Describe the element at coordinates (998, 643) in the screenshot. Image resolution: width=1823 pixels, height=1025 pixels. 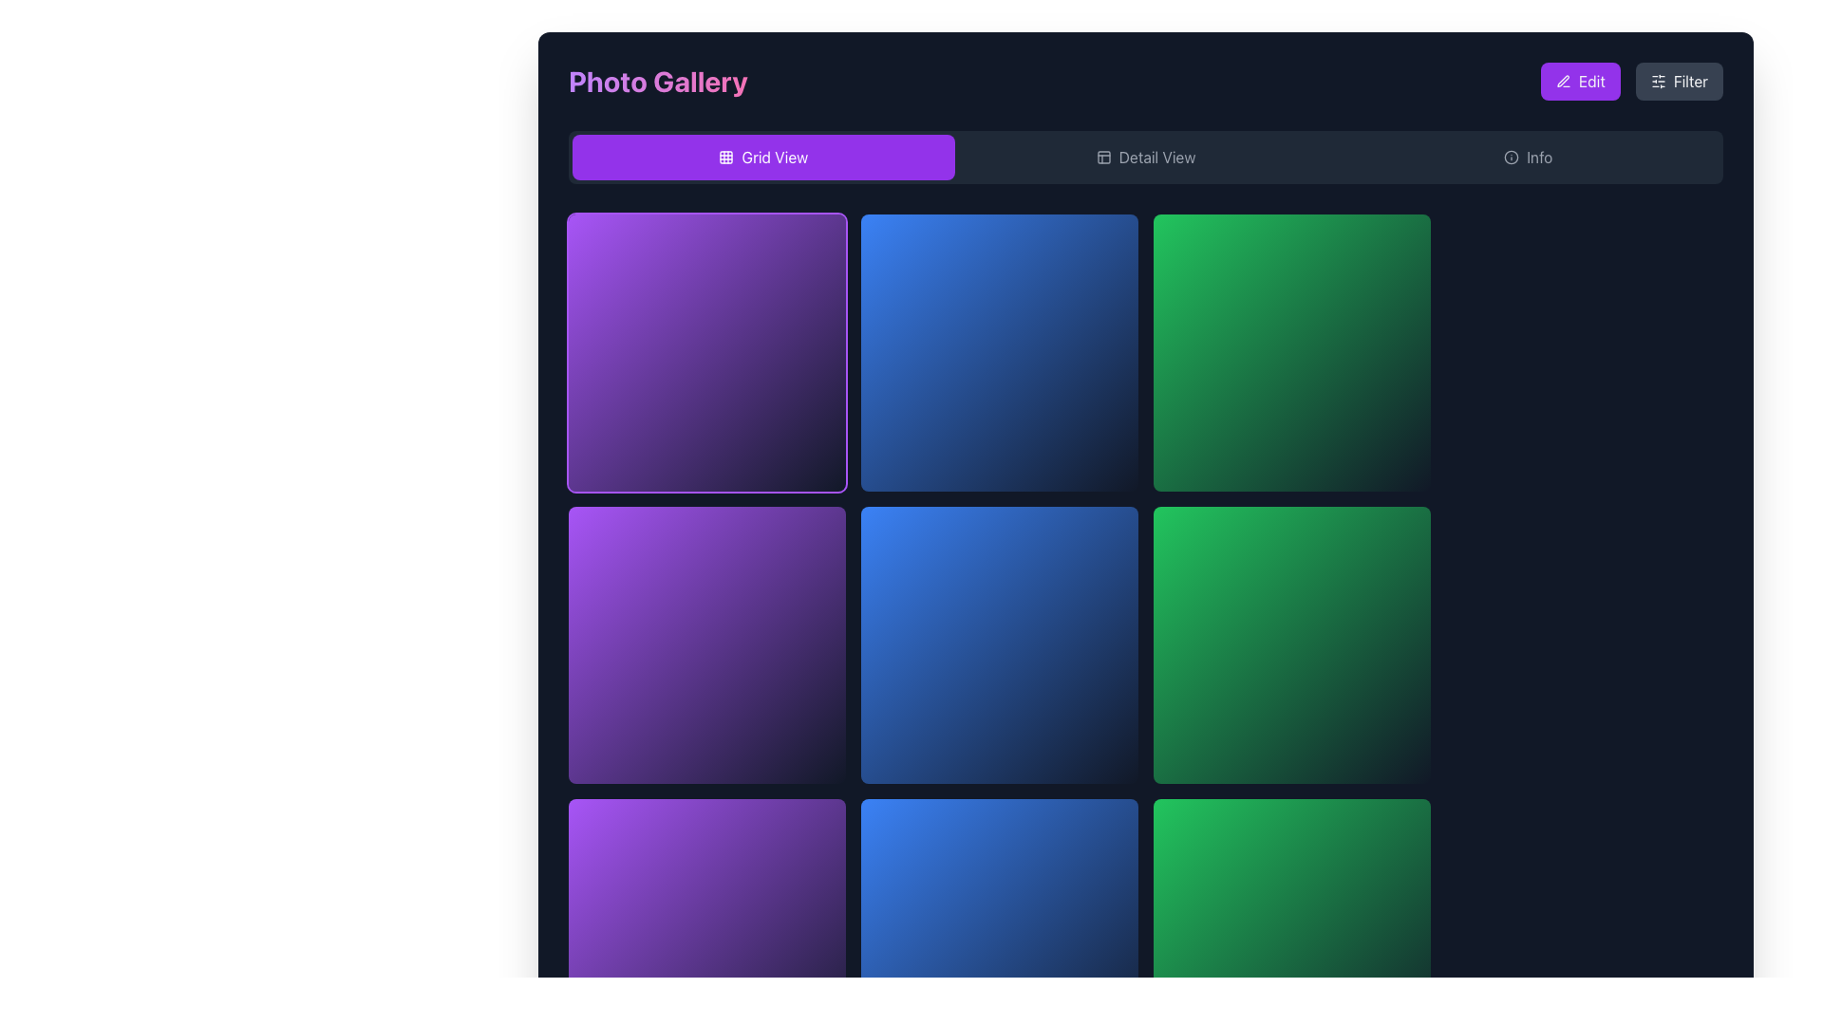
I see `the interactive visual grid tile located in the second column of the third row, which has a gradient background transitioning from blue to cyan and rounded corners` at that location.